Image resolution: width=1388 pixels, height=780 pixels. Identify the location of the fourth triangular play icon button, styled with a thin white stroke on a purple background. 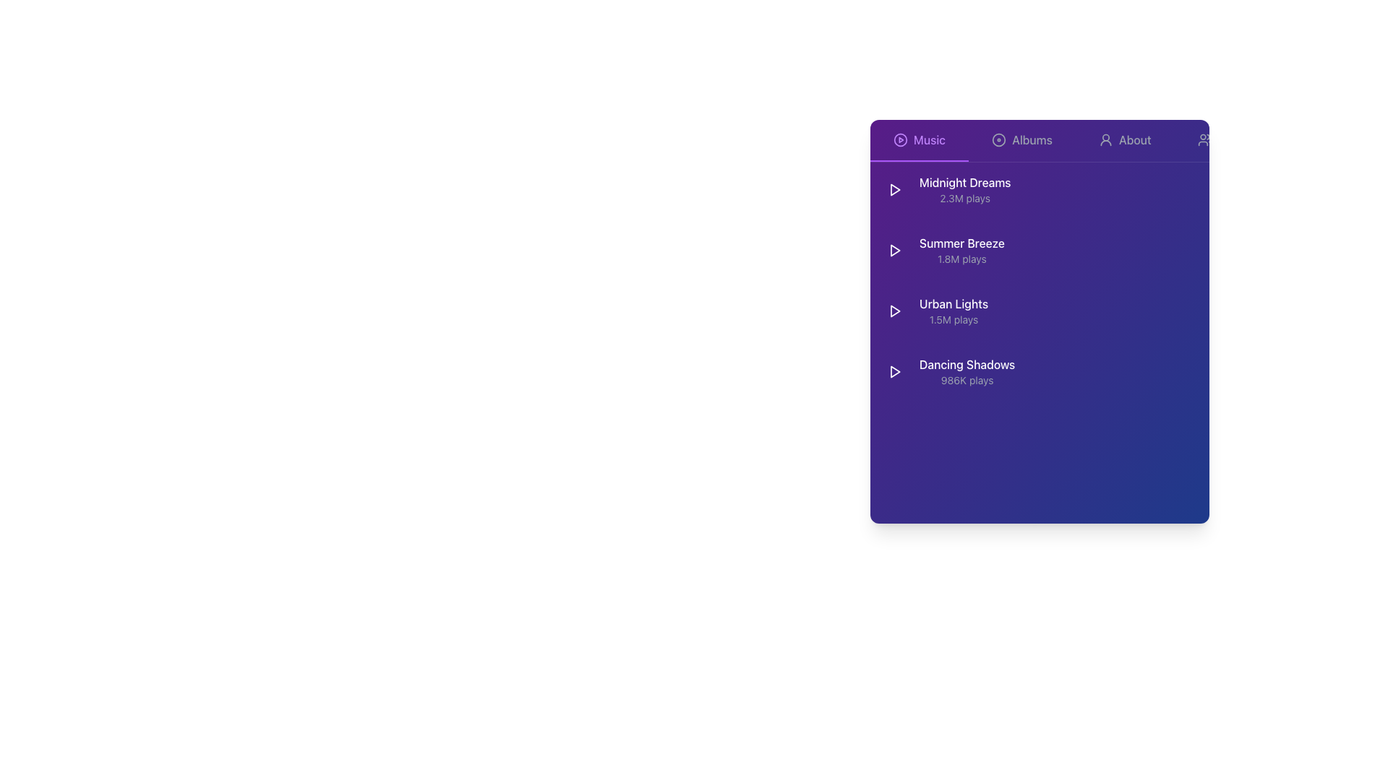
(894, 371).